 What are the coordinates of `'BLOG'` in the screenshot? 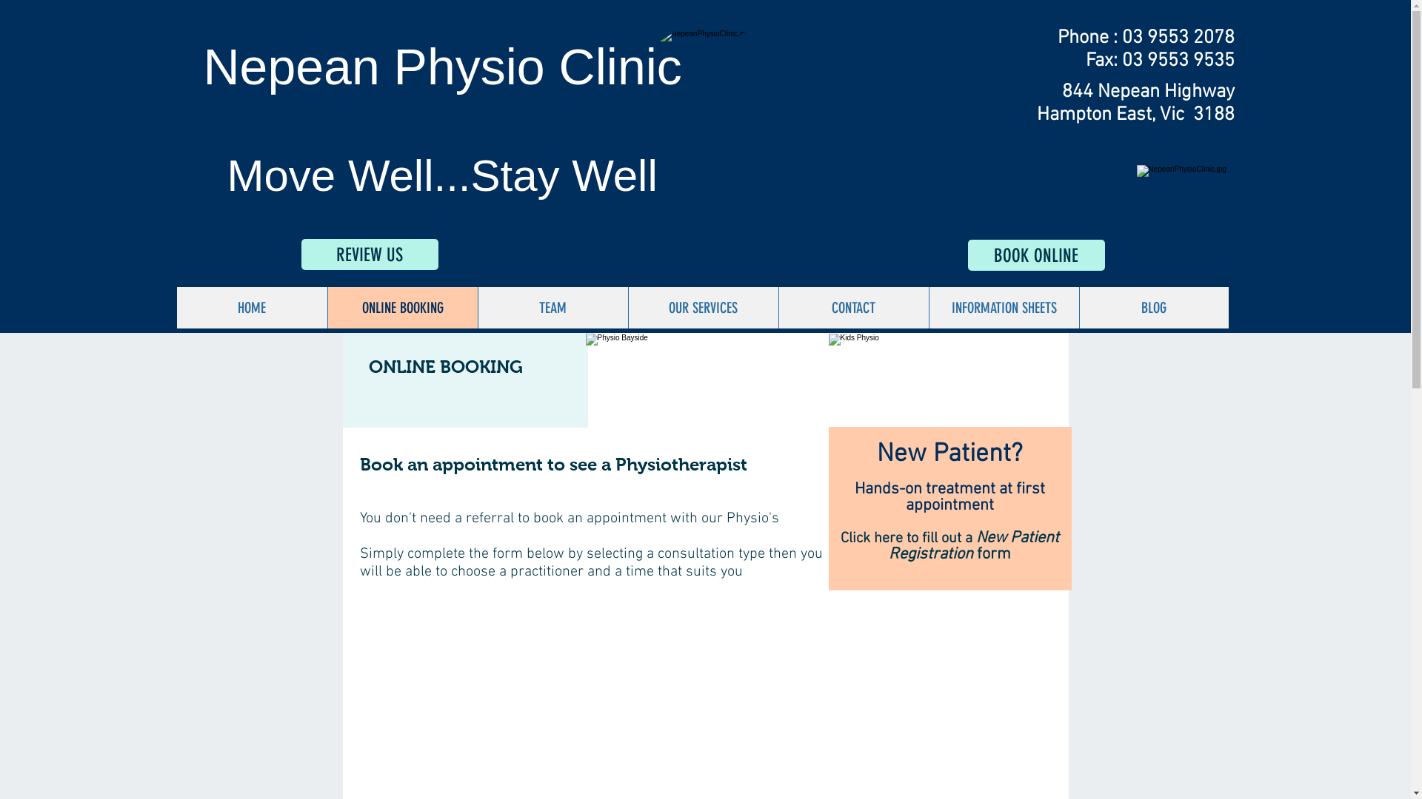 It's located at (1152, 307).